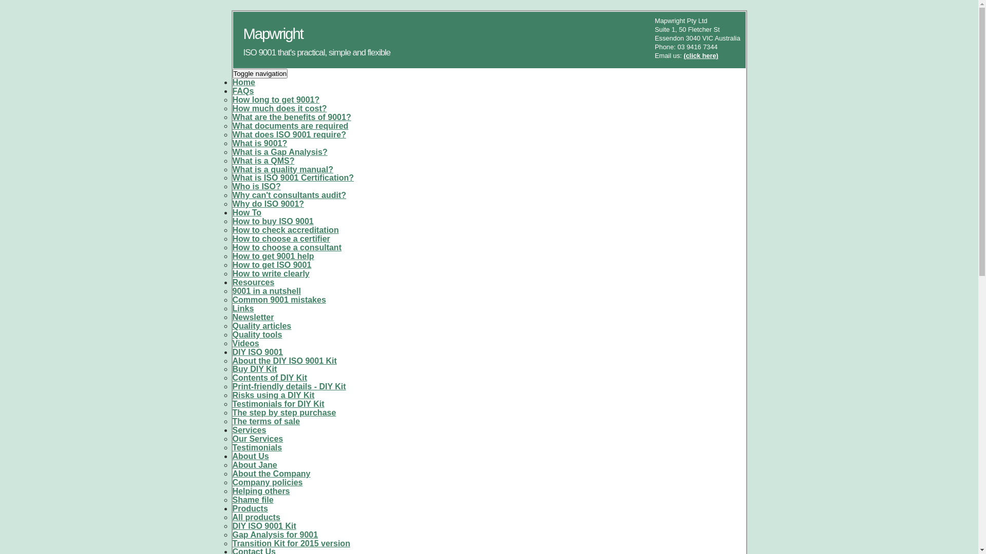 This screenshot has height=554, width=986. I want to click on 'The terms of sale', so click(231, 421).